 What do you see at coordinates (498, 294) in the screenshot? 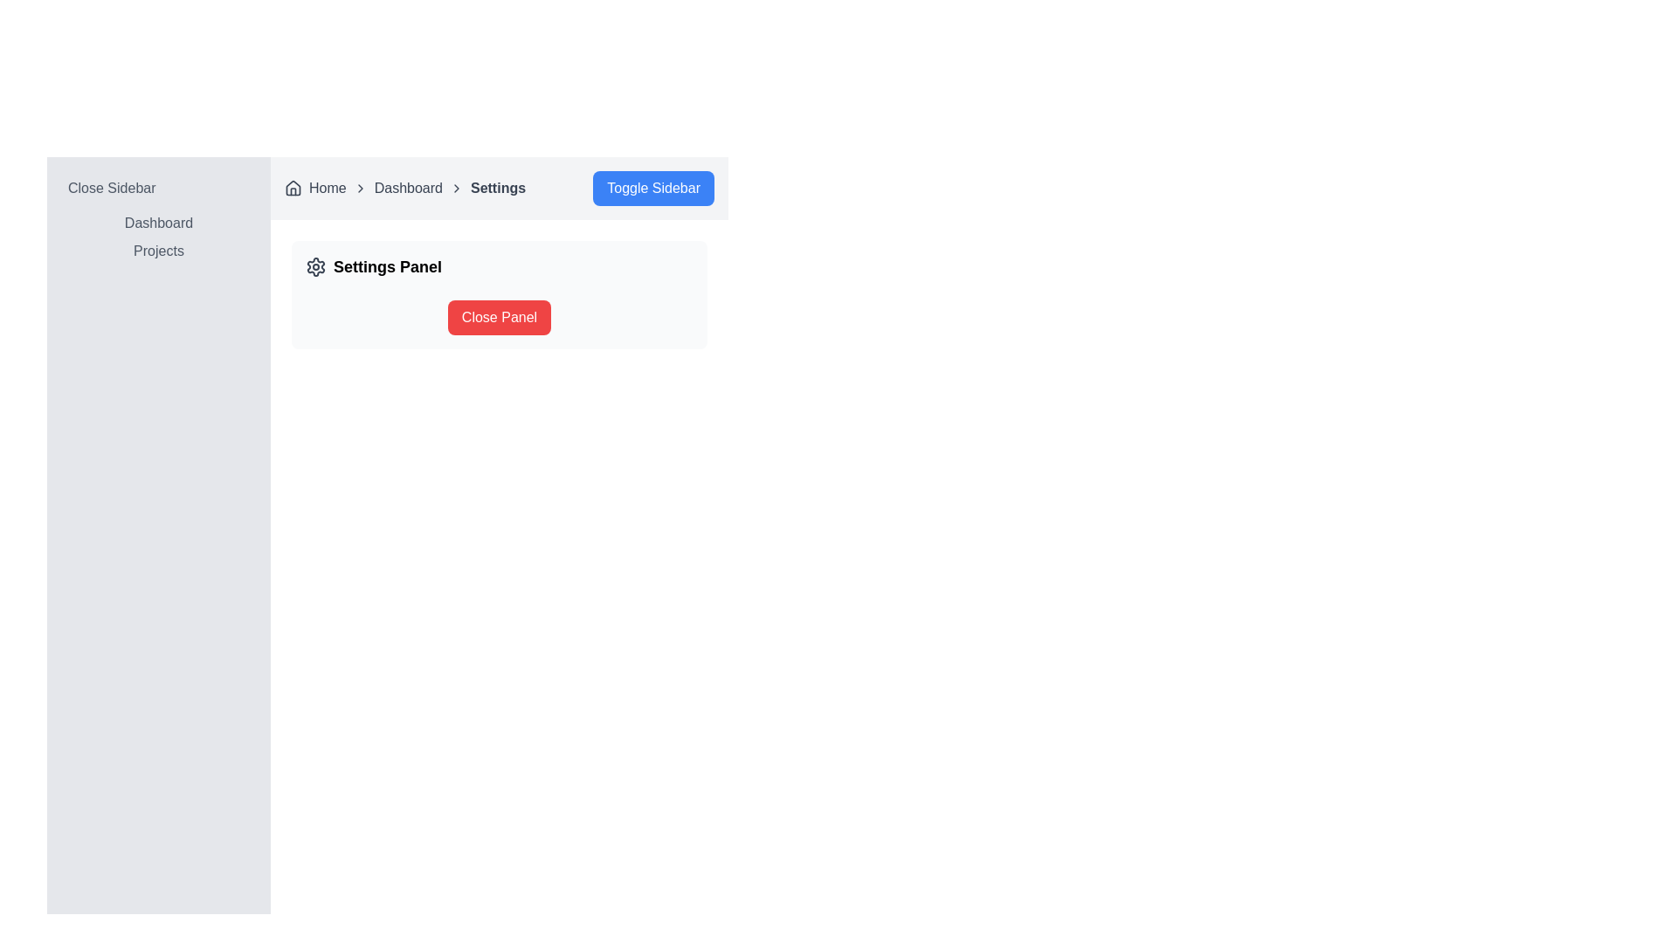
I see `the red 'Close Panel' button in the Settings Panel` at bounding box center [498, 294].